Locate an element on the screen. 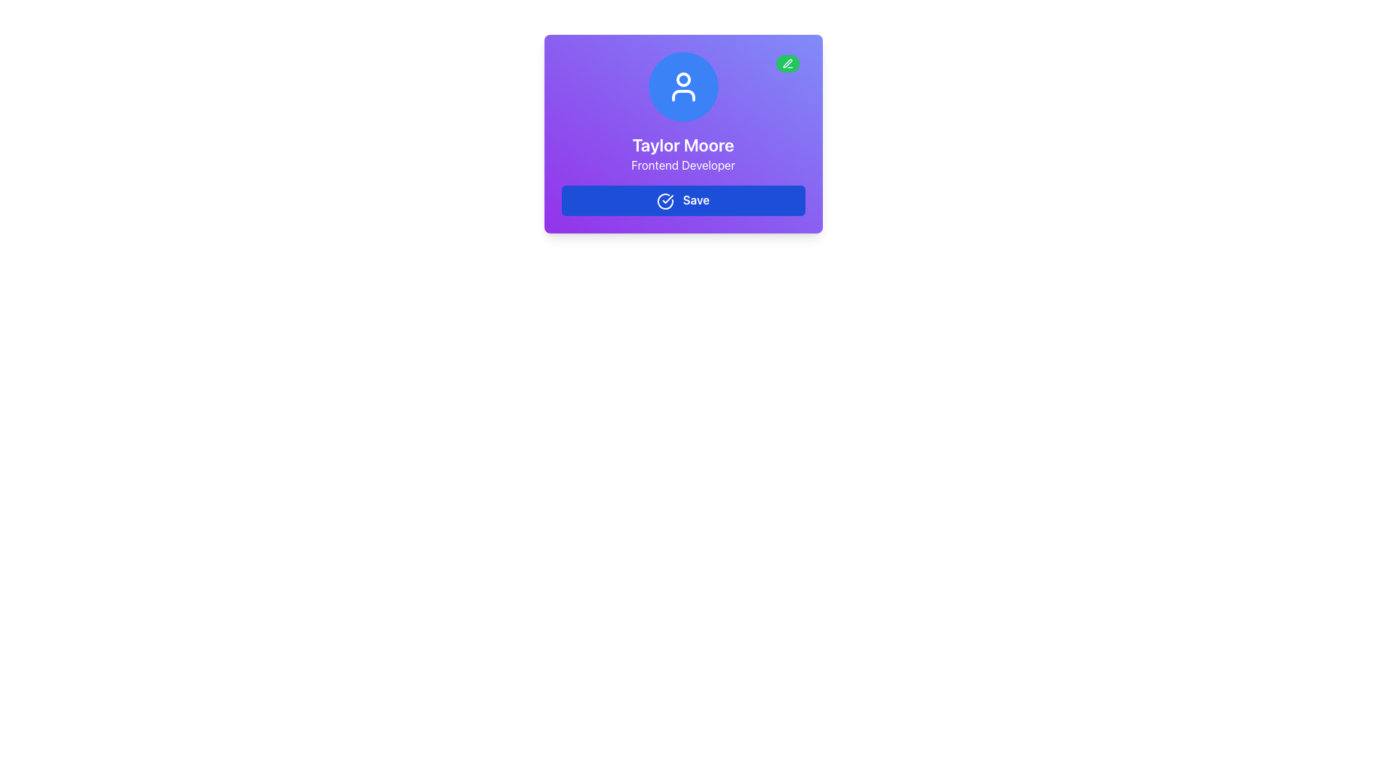 The image size is (1392, 783). the text label displaying 'Taylor Moore' which is centrally located within a card layout is located at coordinates (682, 145).